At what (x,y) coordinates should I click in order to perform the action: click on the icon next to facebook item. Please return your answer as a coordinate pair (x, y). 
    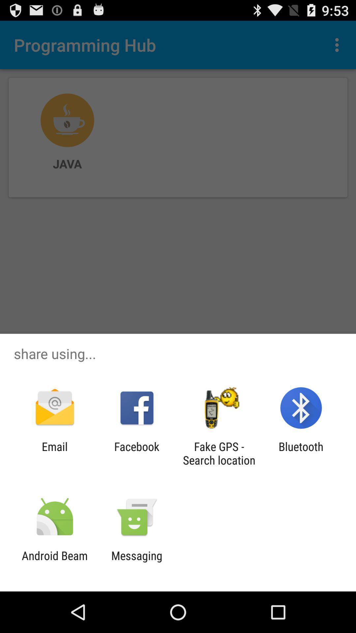
    Looking at the image, I should click on (54, 453).